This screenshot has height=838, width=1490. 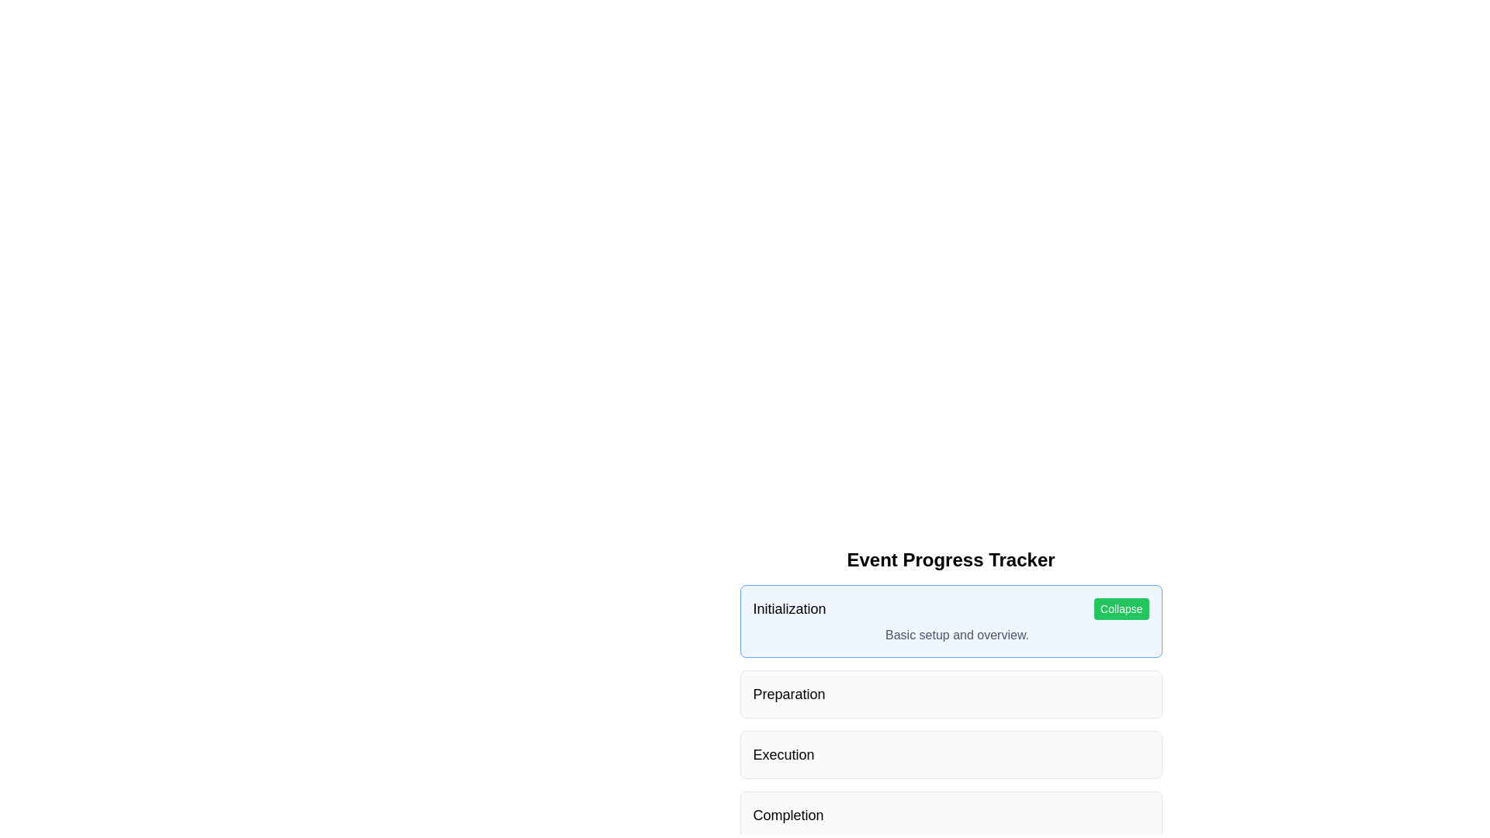 I want to click on the text label displaying 'Execution', which is the third item in the task list between 'Preparation' and 'Completion', so click(x=784, y=753).